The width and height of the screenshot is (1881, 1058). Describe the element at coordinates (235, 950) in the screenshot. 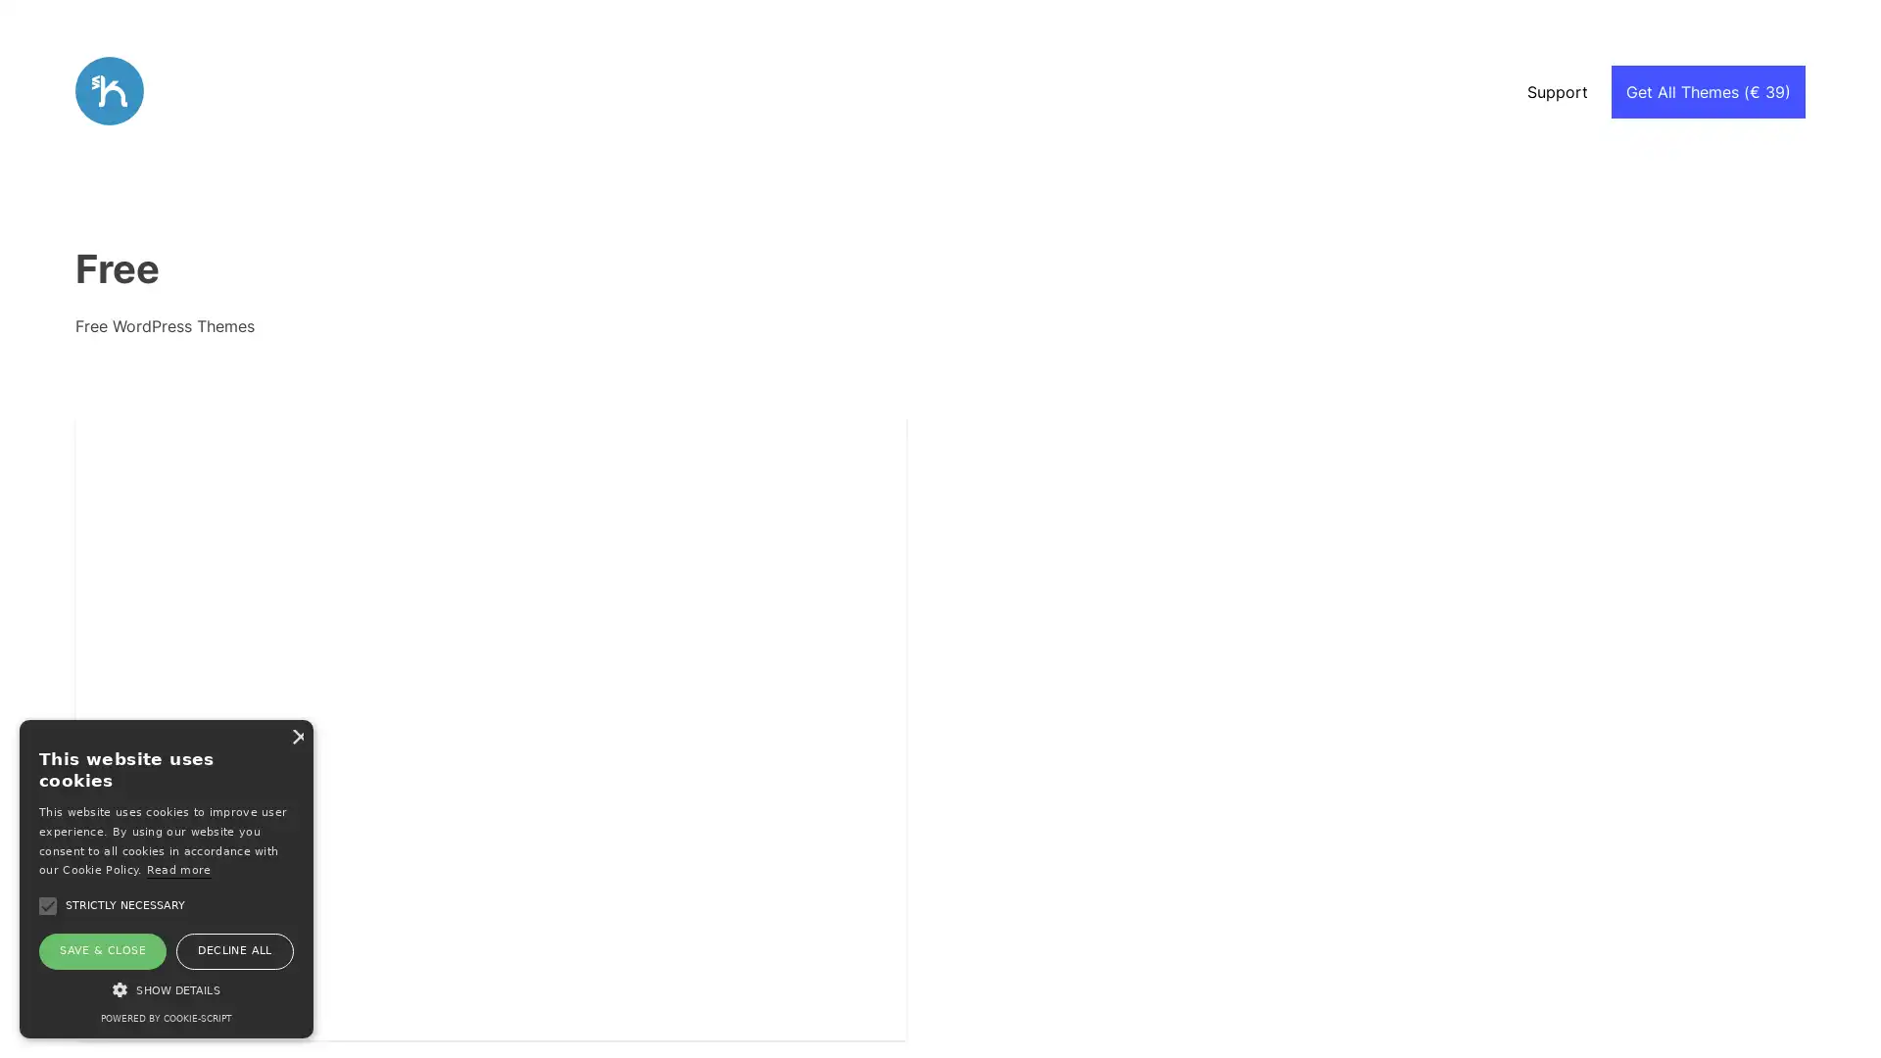

I see `DECLINE ALL` at that location.